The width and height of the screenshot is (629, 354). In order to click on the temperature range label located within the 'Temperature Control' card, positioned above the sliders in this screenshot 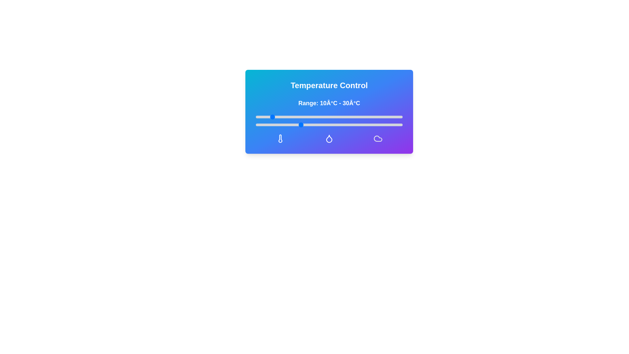, I will do `click(329, 112)`.